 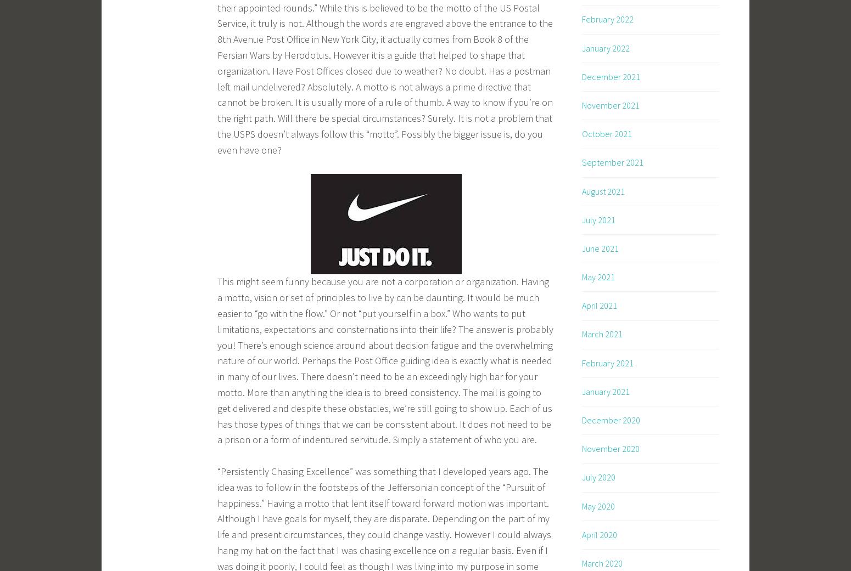 I want to click on 'April 2021', so click(x=598, y=306).